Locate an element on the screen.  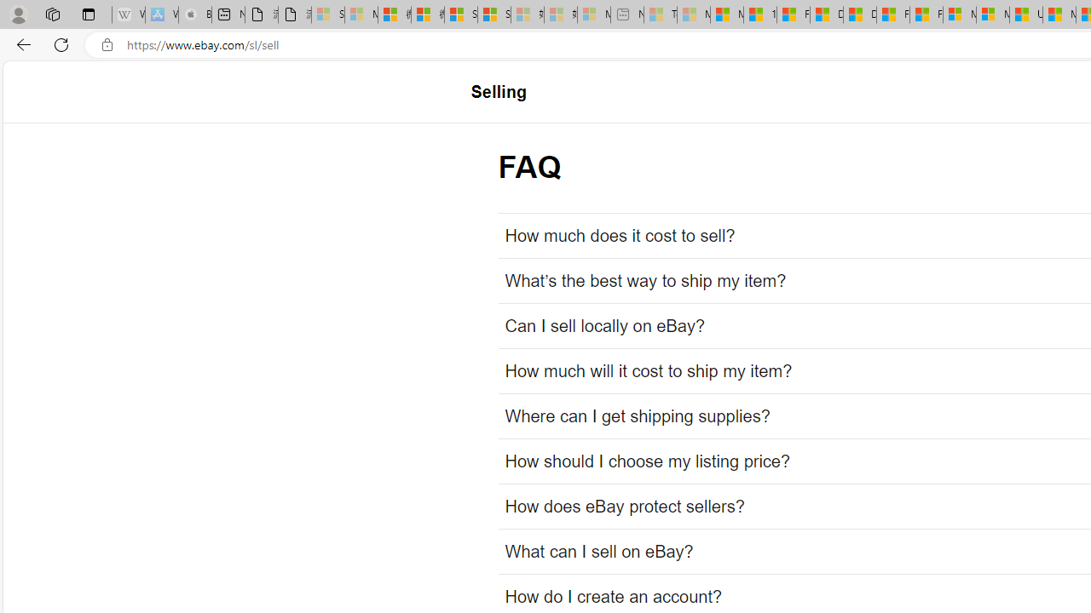
'Buy iPad - Apple - Sleeping' is located at coordinates (195, 14).